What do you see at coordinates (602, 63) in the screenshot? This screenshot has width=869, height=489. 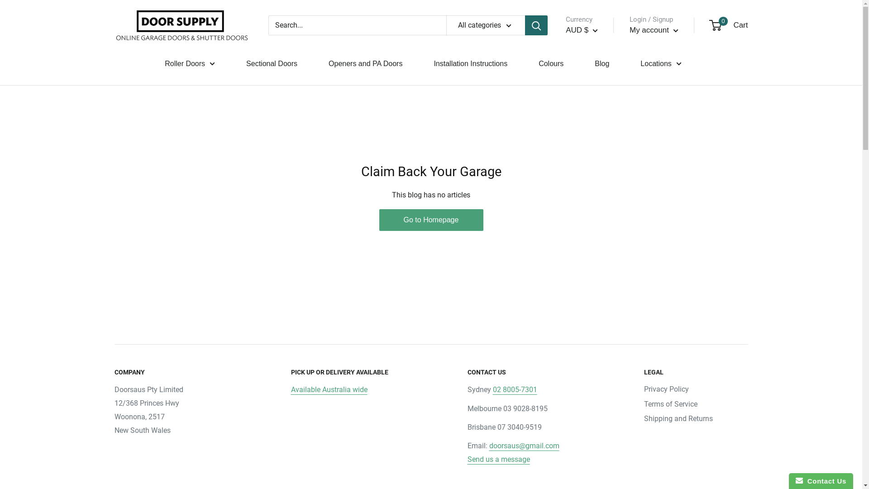 I see `'Blog'` at bounding box center [602, 63].